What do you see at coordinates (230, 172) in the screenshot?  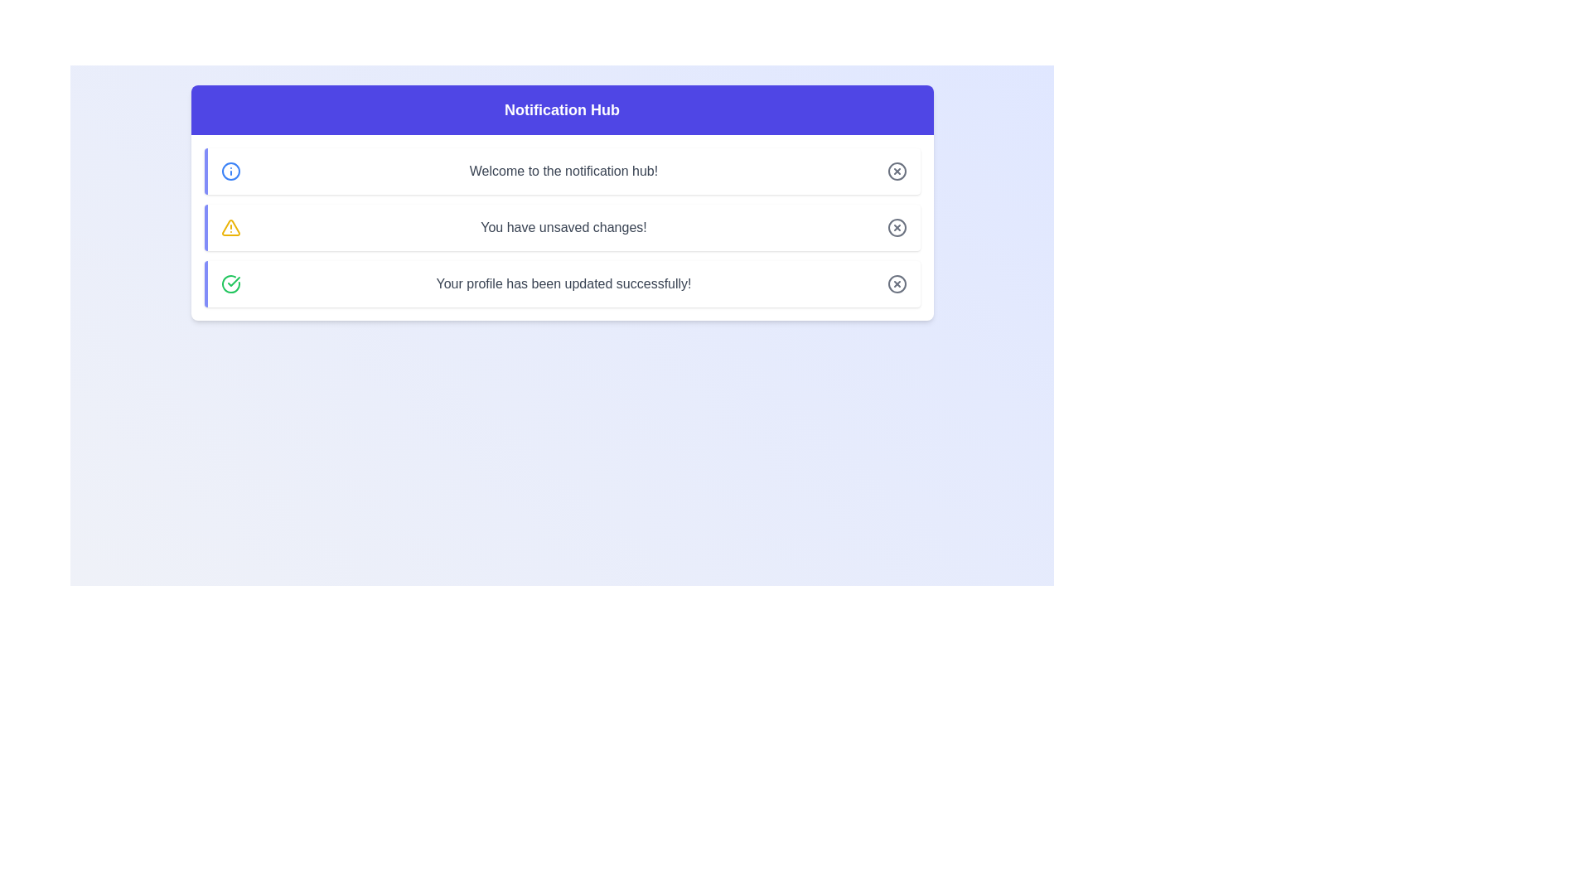 I see `the circular blue information icon located to the left of the text 'Welcome to the notification hub!'` at bounding box center [230, 172].